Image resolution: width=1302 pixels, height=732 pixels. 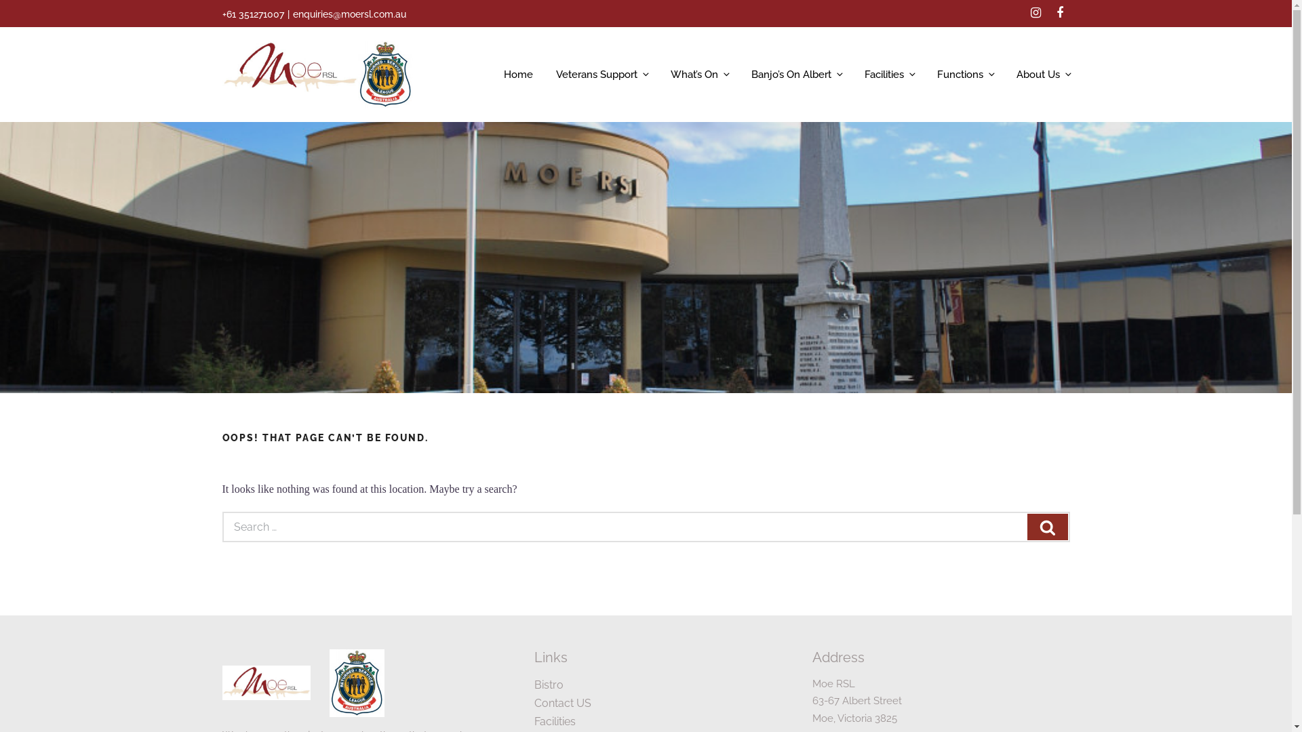 I want to click on 'Home', so click(x=517, y=75).